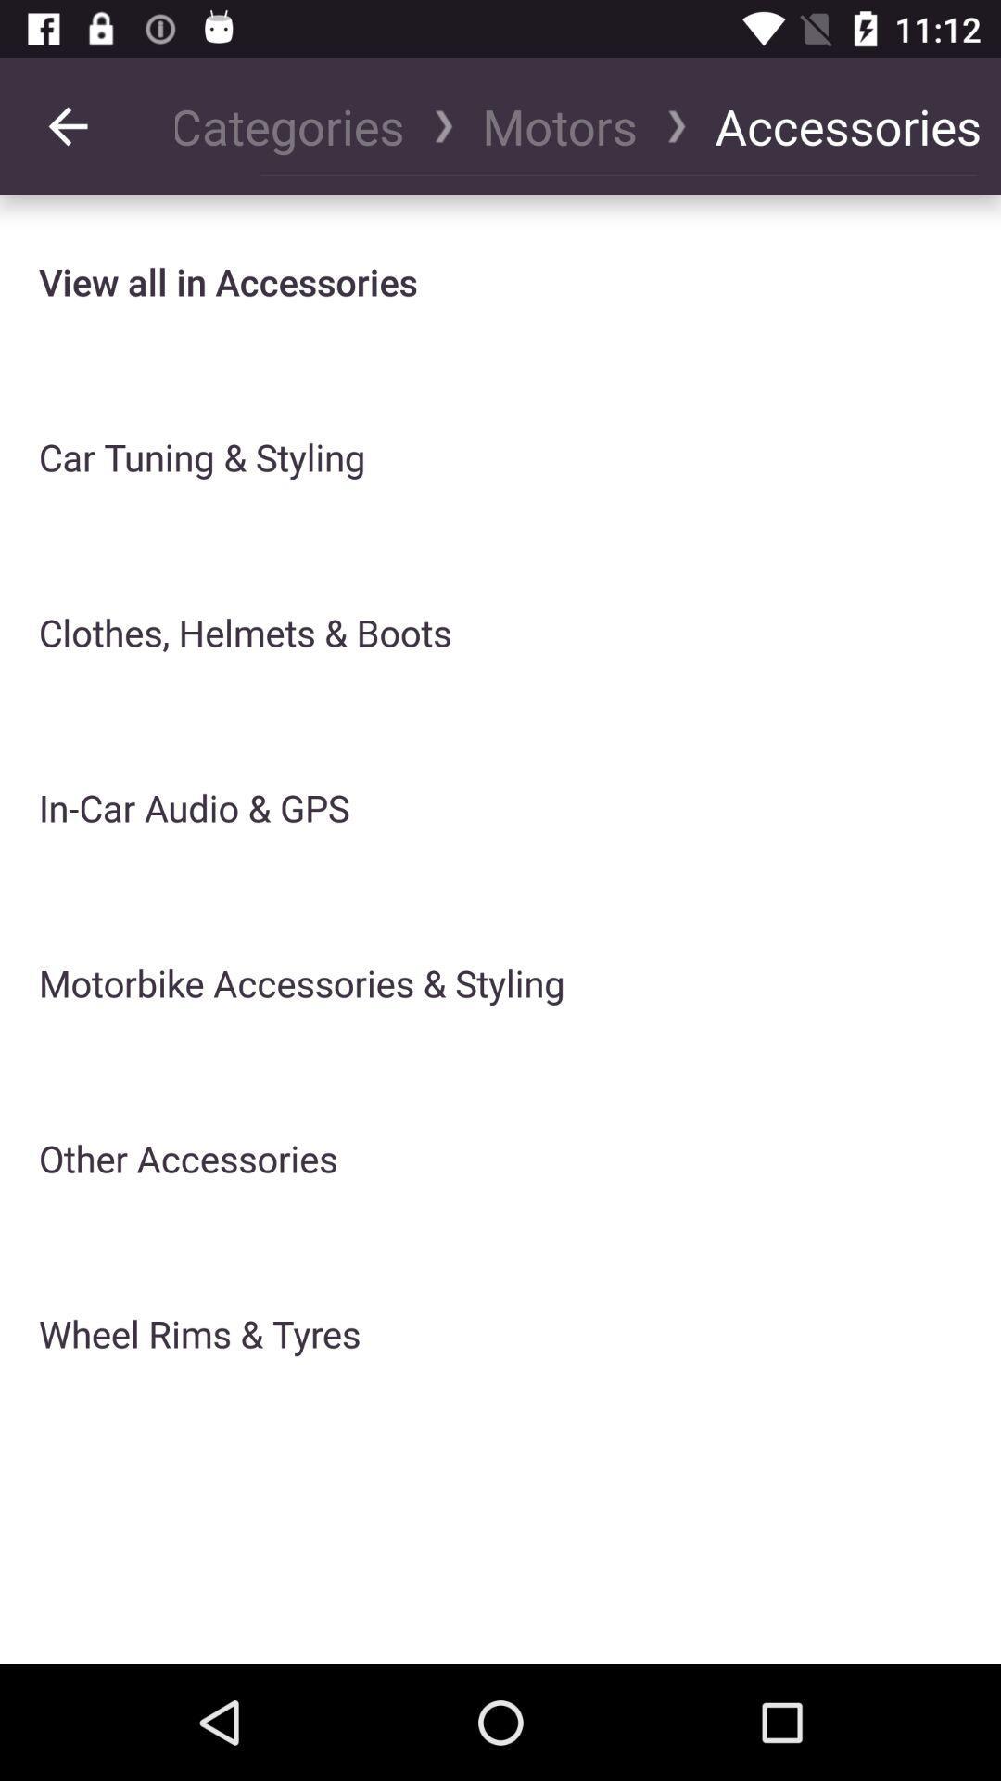 Image resolution: width=1001 pixels, height=1781 pixels. I want to click on motorbike accessories & styling, so click(300, 982).